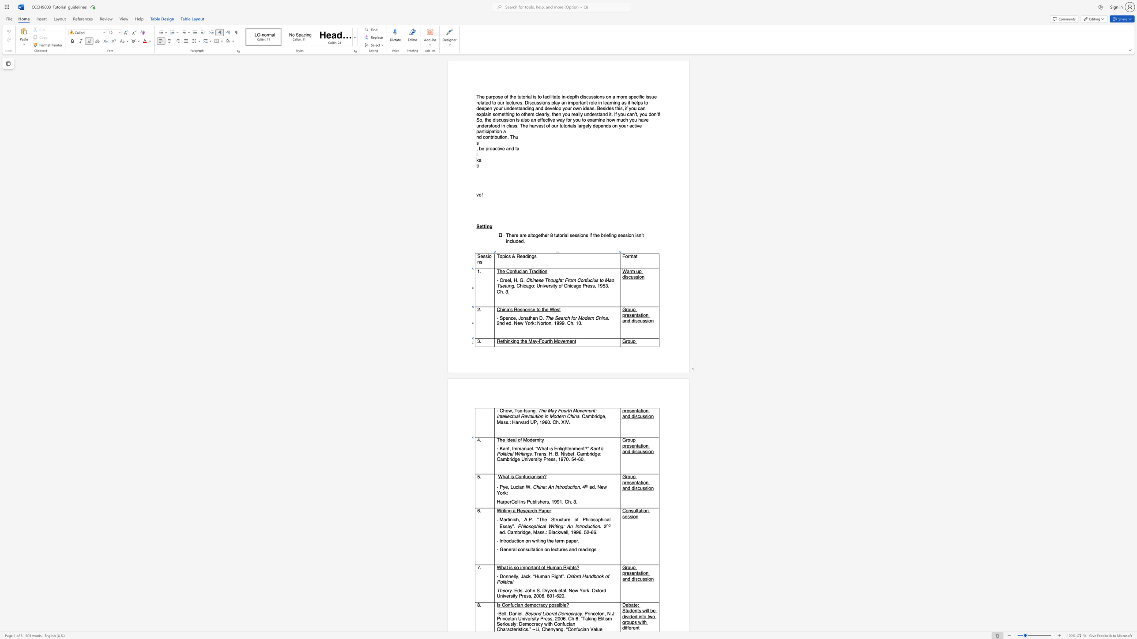  What do you see at coordinates (560, 416) in the screenshot?
I see `the 7th character "e" in the text` at bounding box center [560, 416].